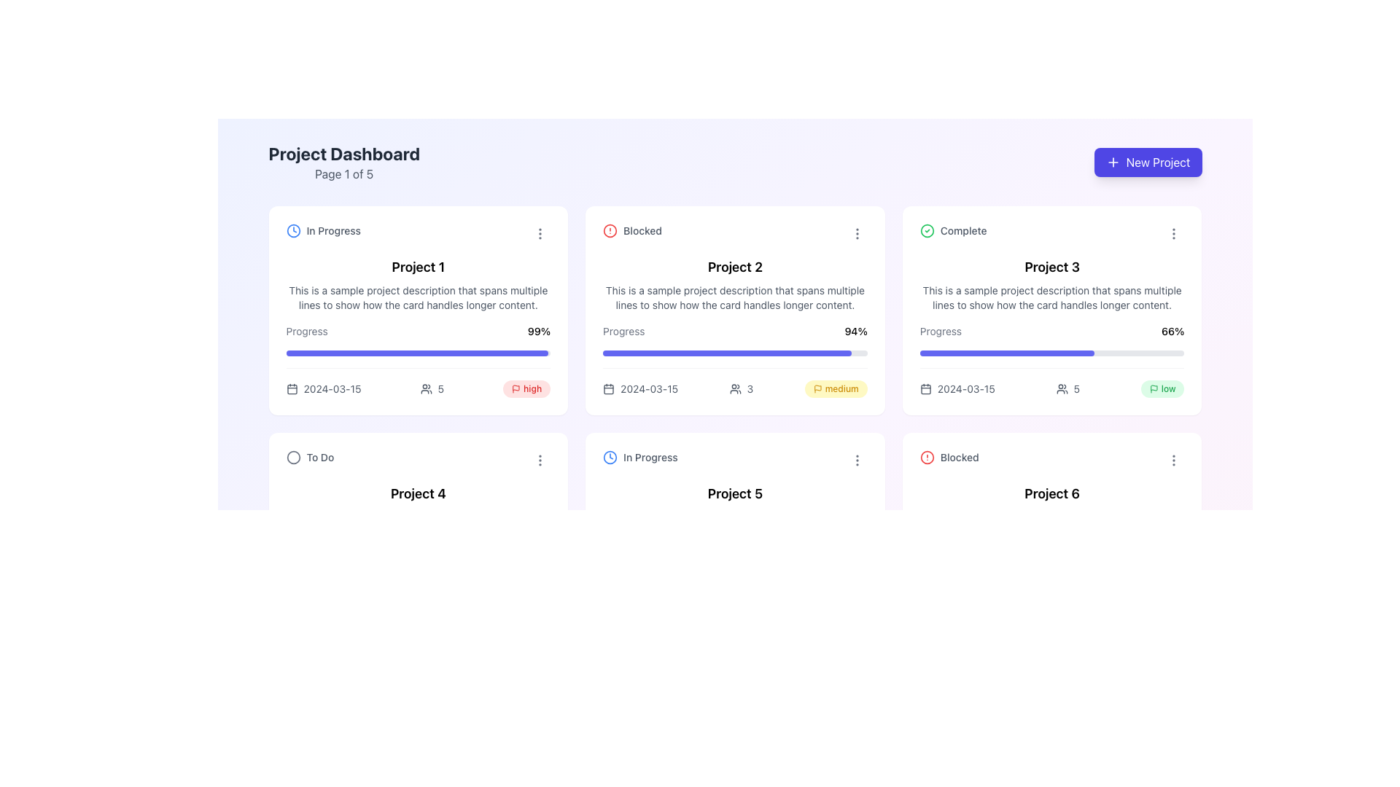  I want to click on the Date display element showing '2024-03-15' with a calendar icon for accessibility purposes, so click(957, 388).